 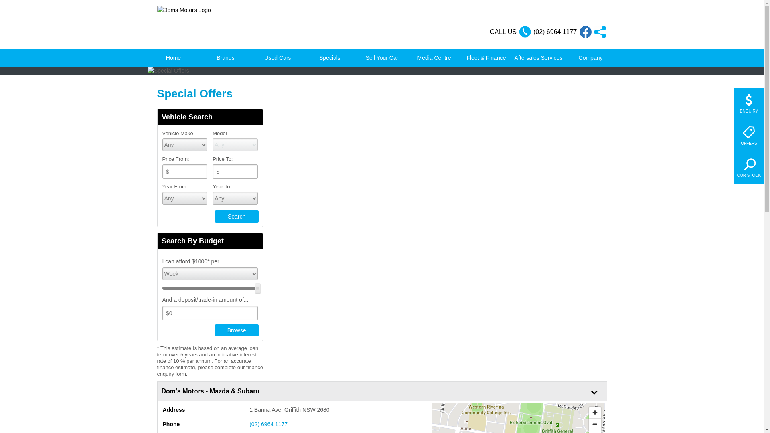 I want to click on 'Used Cars', so click(x=278, y=57).